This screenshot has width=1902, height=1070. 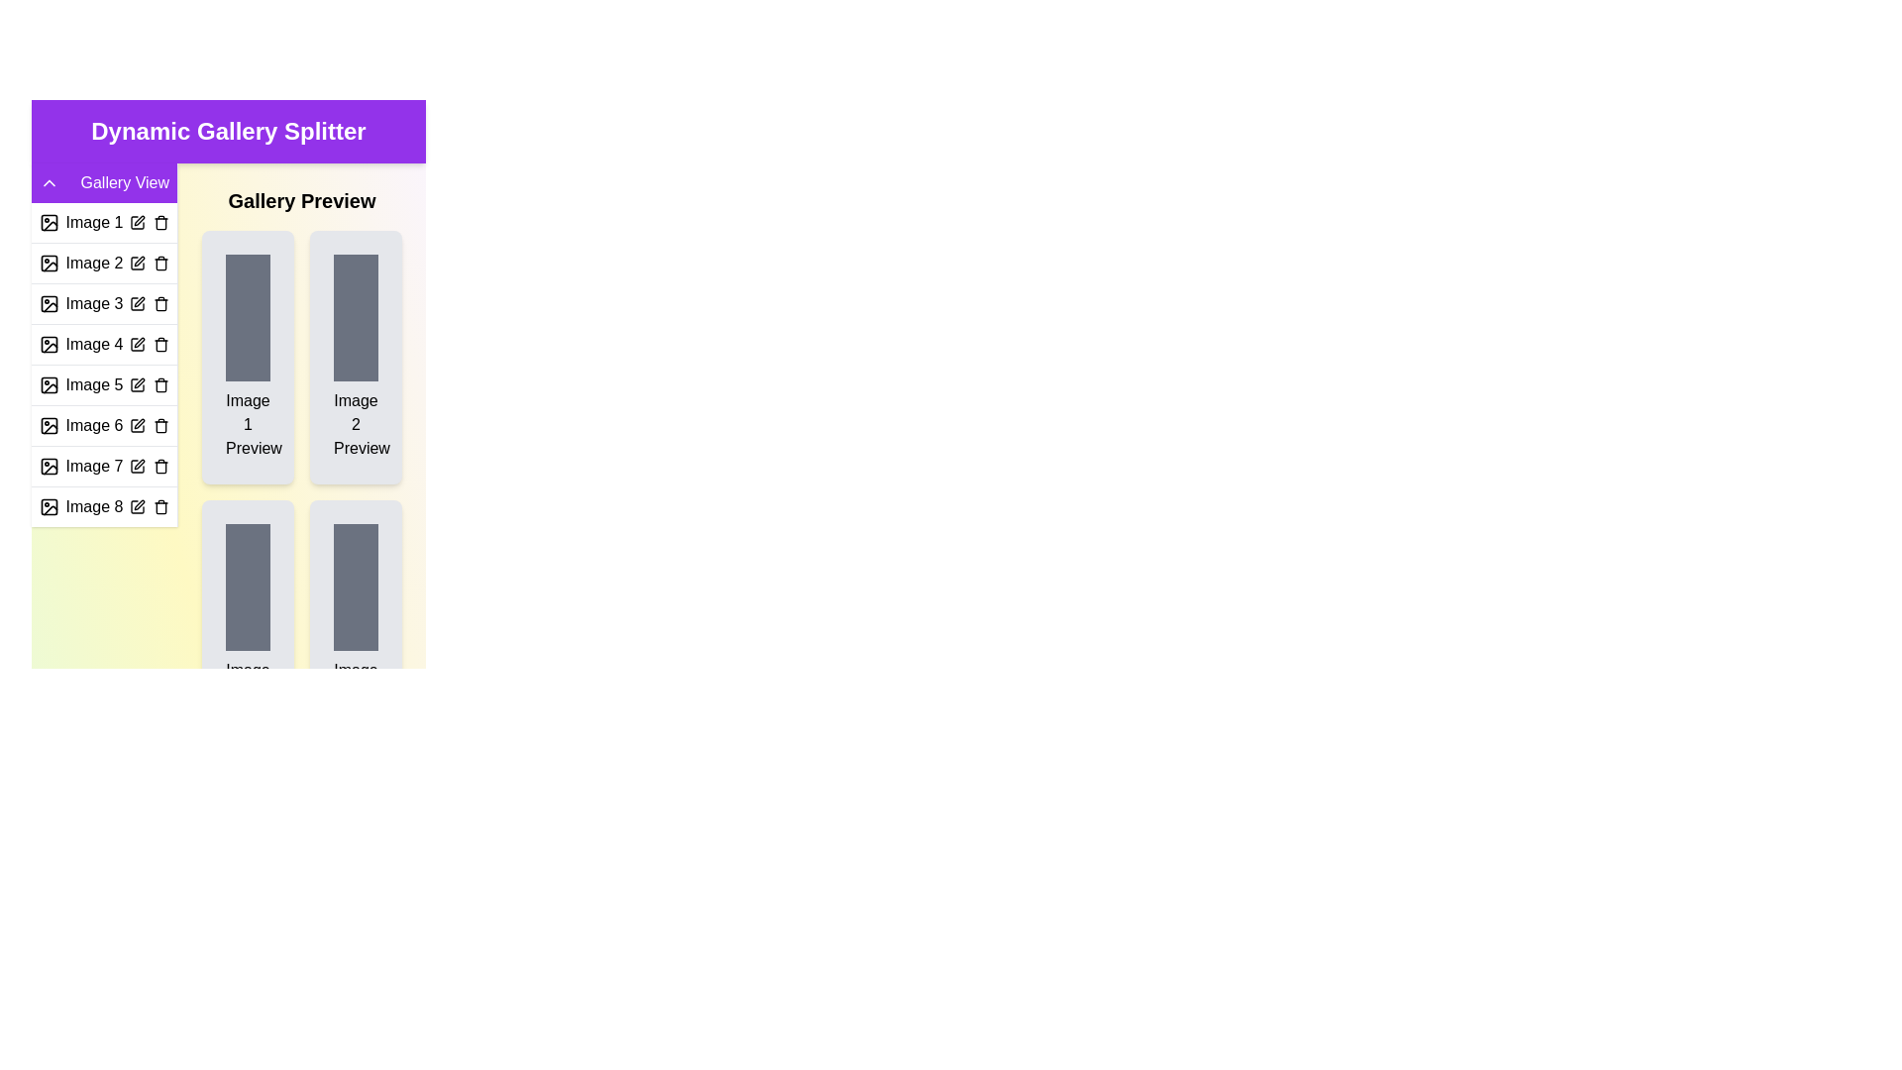 What do you see at coordinates (161, 466) in the screenshot?
I see `the trash bin icon, which is the third icon in the row of action icons located to the right of the 'Image 7' label in the Gallery View list` at bounding box center [161, 466].